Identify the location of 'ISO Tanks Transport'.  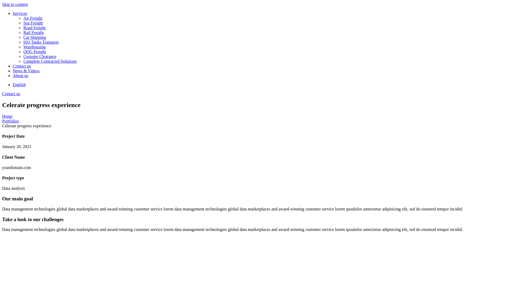
(265, 42).